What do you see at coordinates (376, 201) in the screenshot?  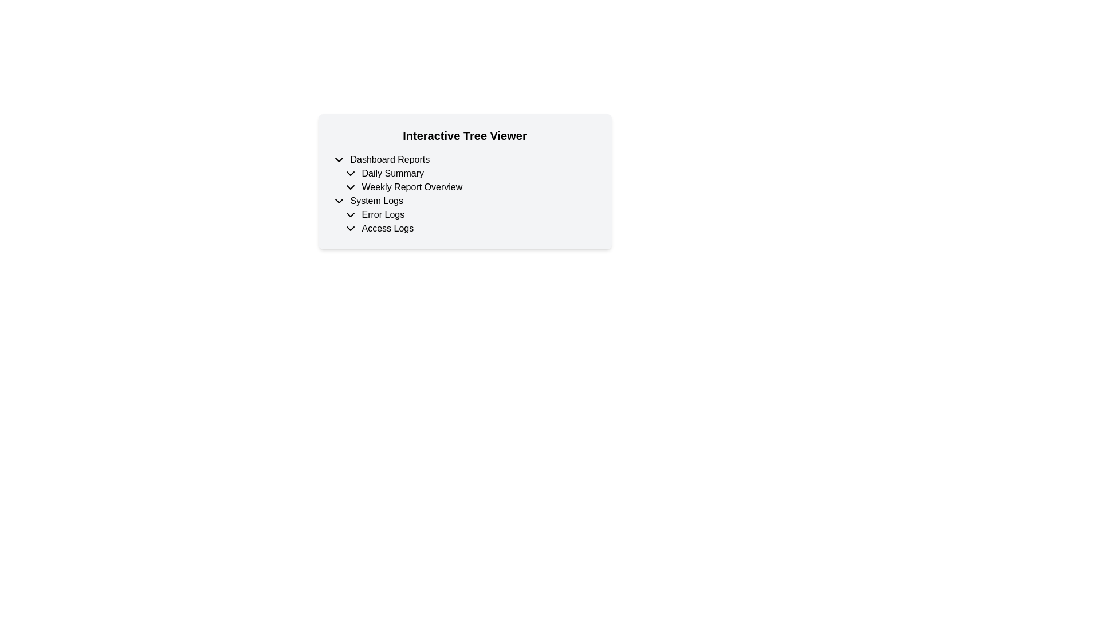 I see `the 'System Logs' label within the tree navigation structure, located under 'Weekly Report Overview'` at bounding box center [376, 201].